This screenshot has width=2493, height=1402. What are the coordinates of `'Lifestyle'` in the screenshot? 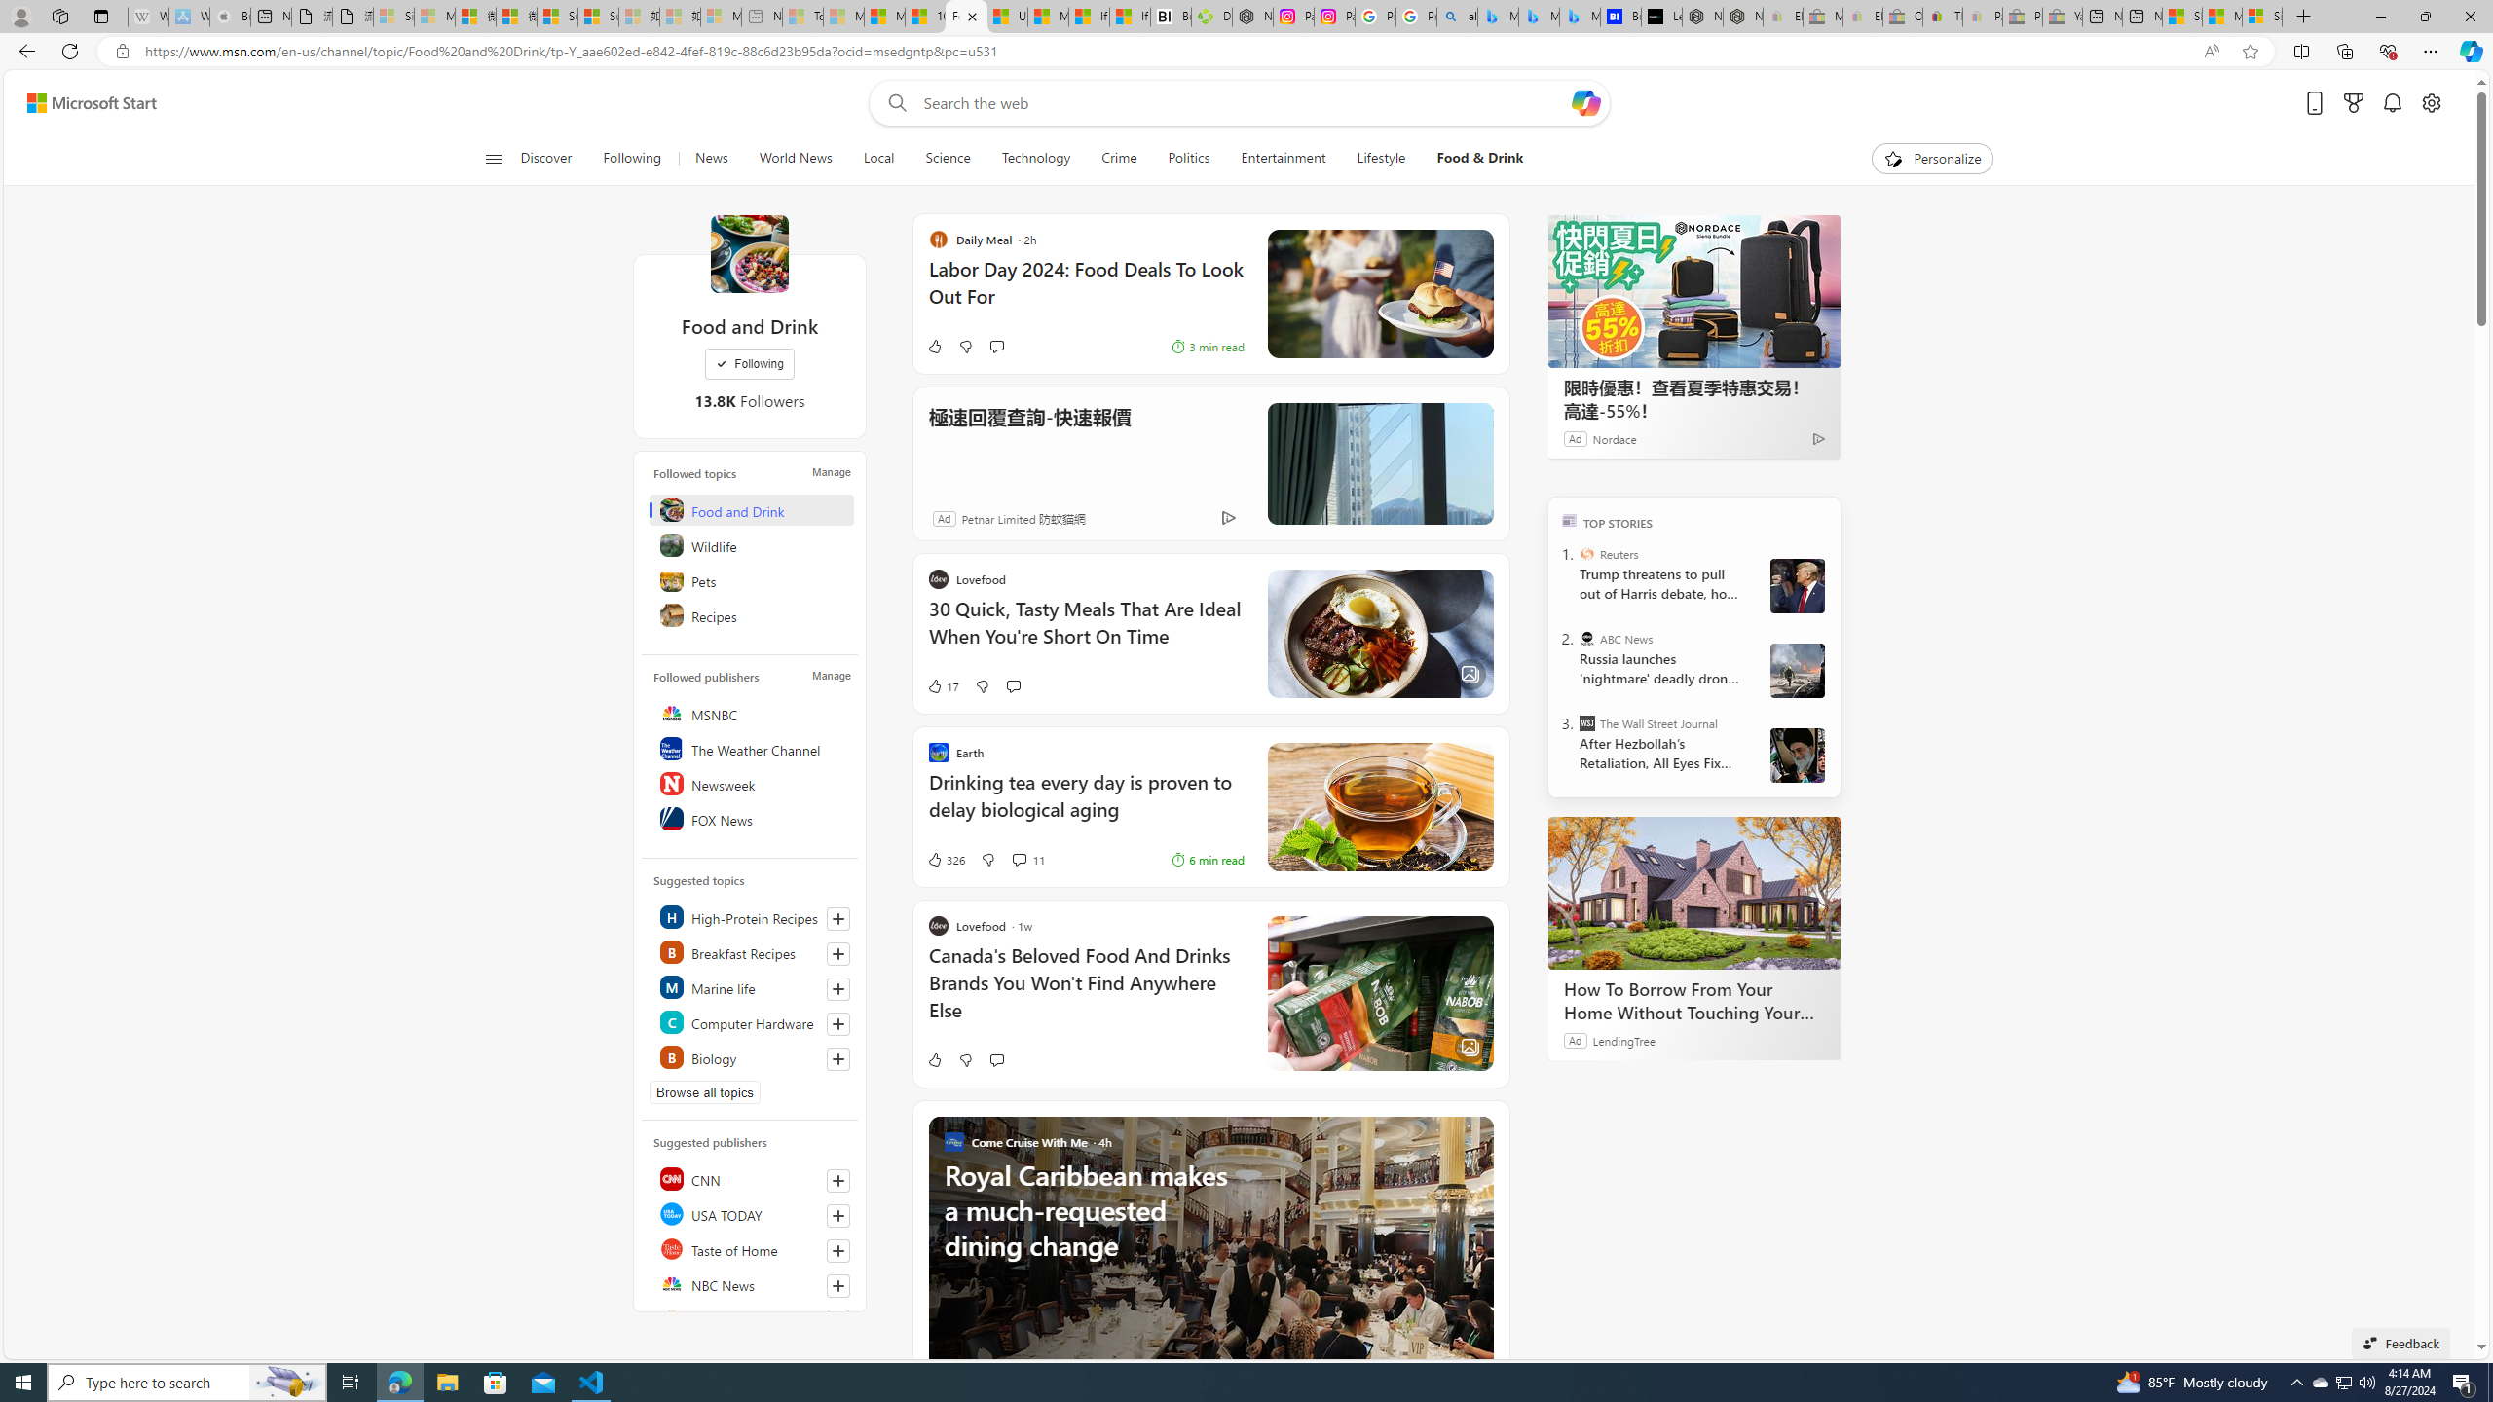 It's located at (1381, 158).